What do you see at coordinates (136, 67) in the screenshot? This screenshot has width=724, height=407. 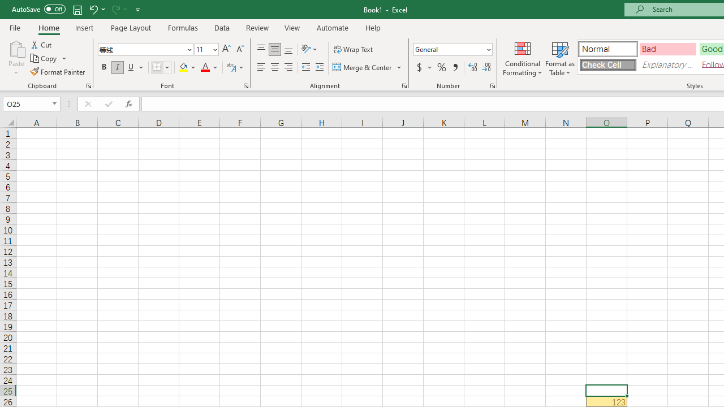 I see `'Underline'` at bounding box center [136, 67].